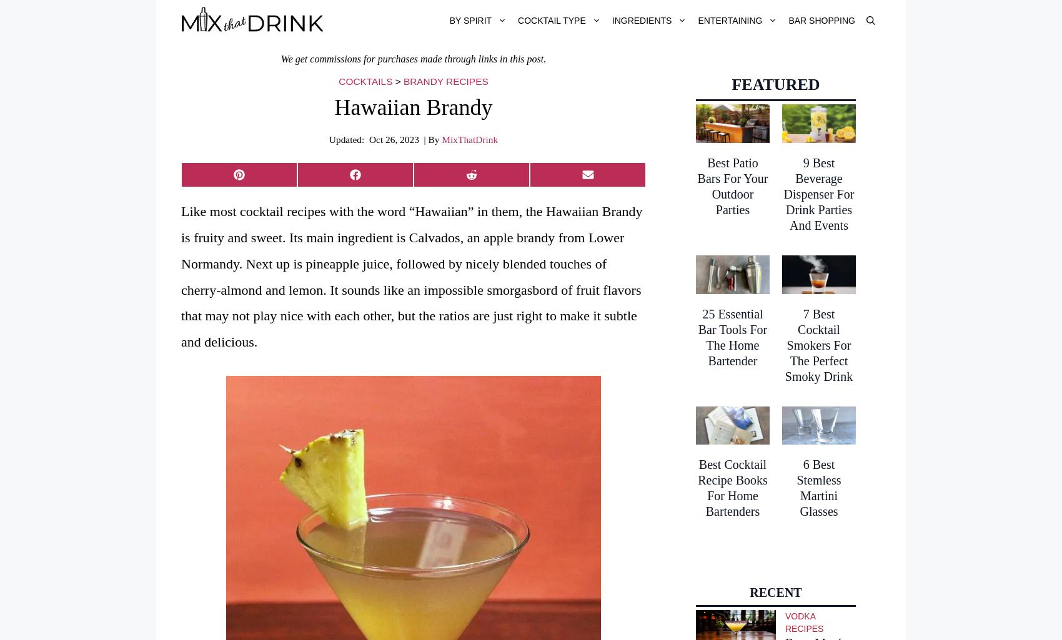 The height and width of the screenshot is (640, 1062). What do you see at coordinates (775, 84) in the screenshot?
I see `'Featured'` at bounding box center [775, 84].